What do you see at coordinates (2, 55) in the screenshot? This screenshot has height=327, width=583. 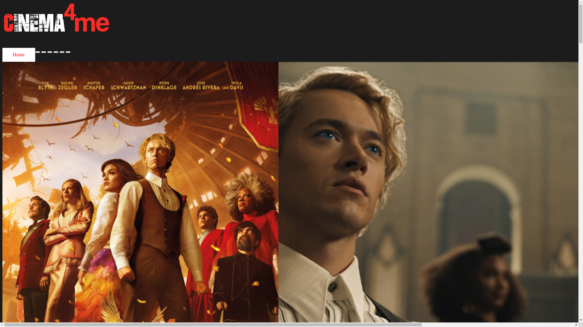 I see `'Home'` at bounding box center [2, 55].